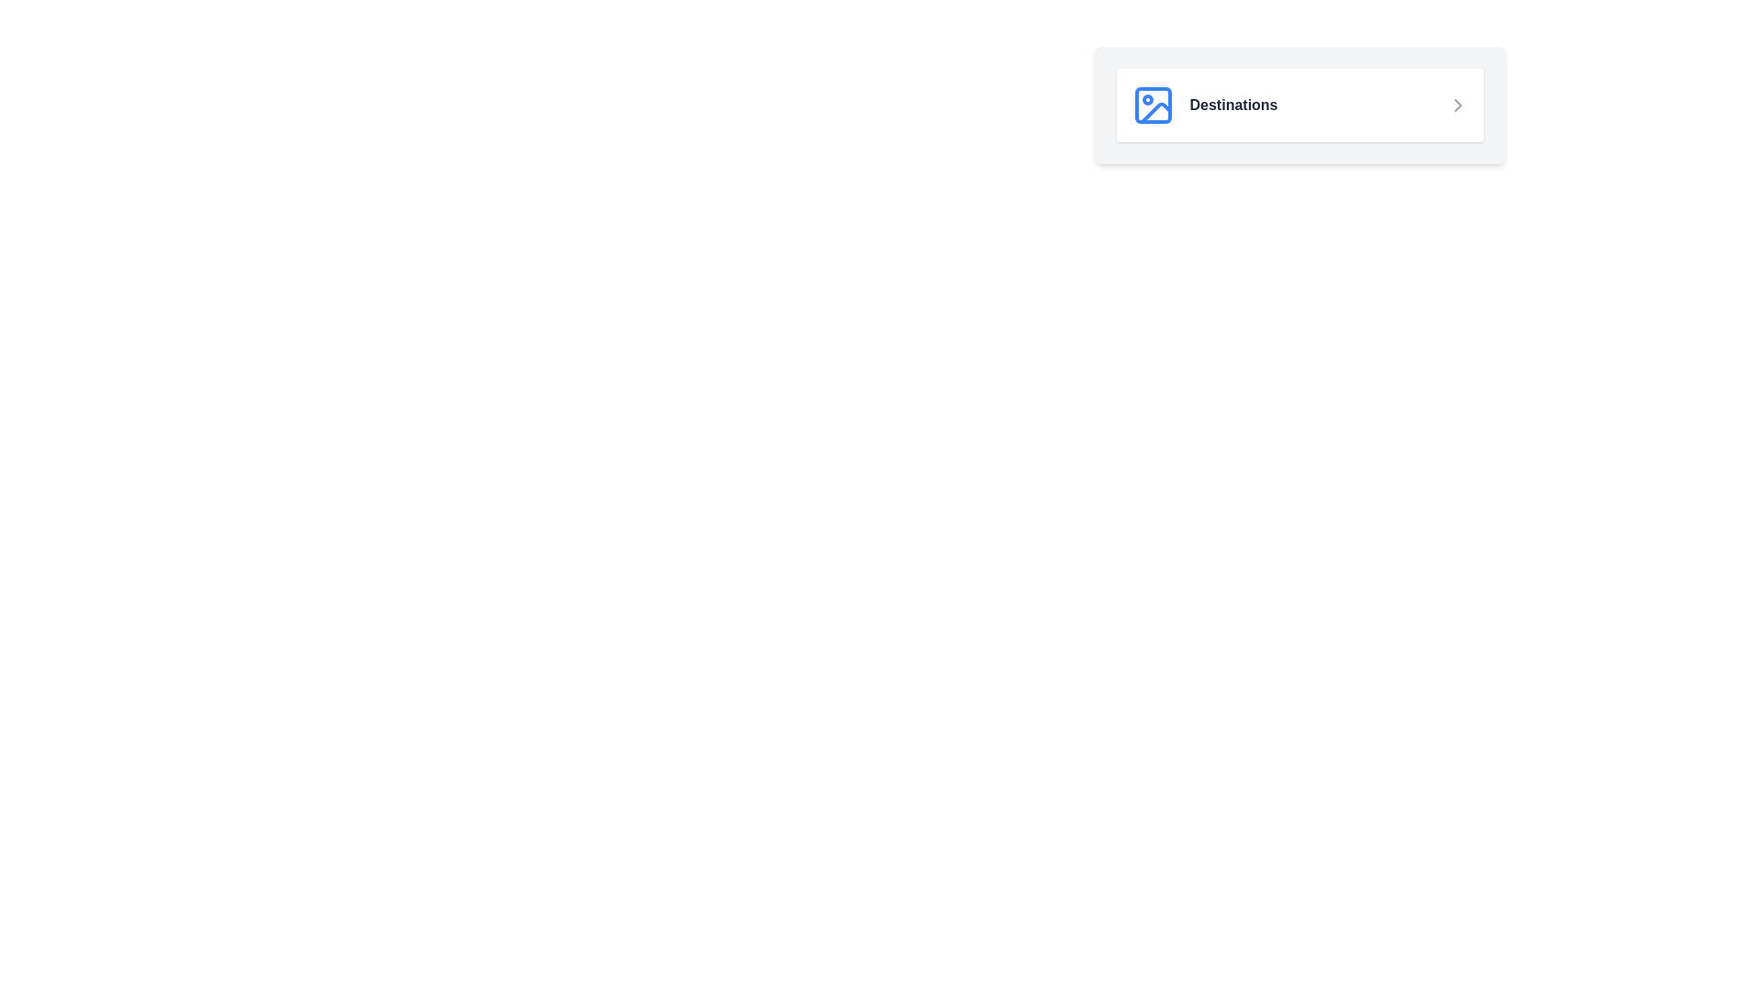 The width and height of the screenshot is (1762, 991). Describe the element at coordinates (1456, 106) in the screenshot. I see `the right-facing chevron arrow icon located at the far-right side of the card layout` at that location.